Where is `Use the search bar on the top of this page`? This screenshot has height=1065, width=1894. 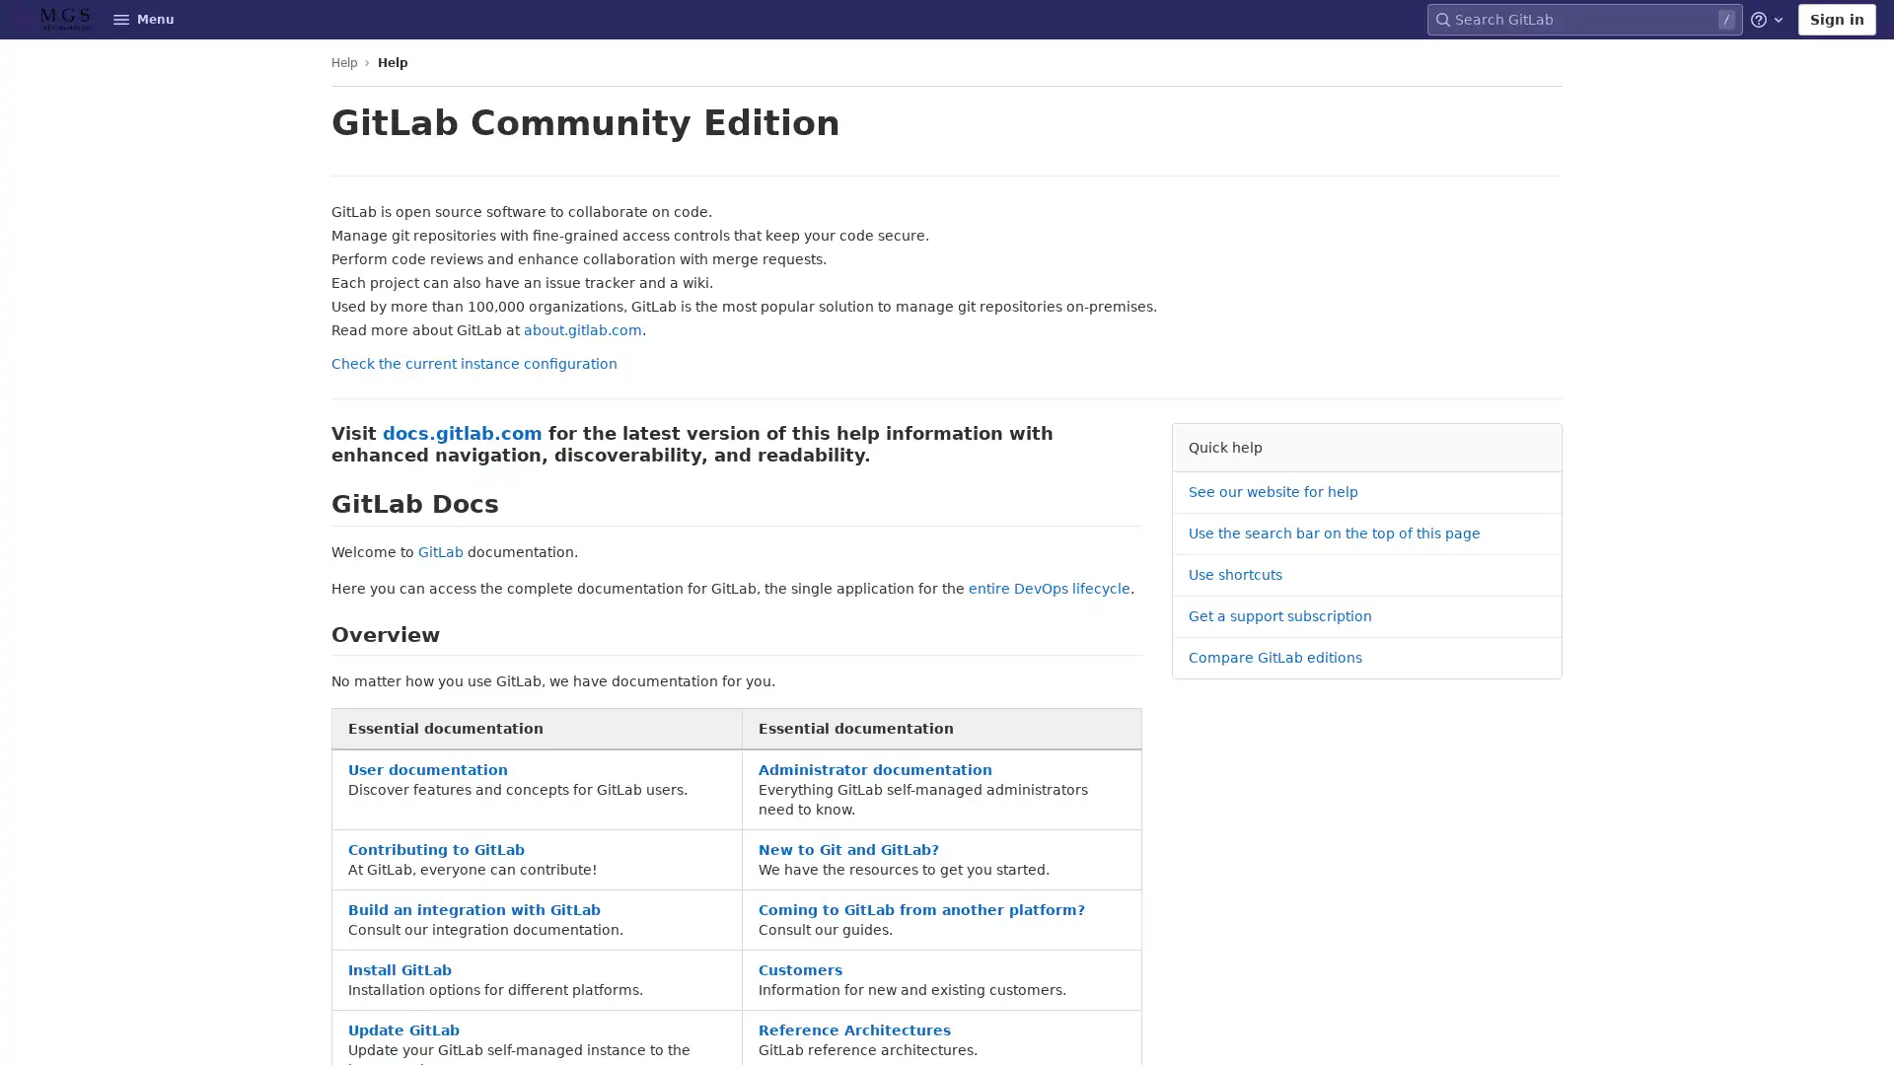
Use the search bar on the top of this page is located at coordinates (1335, 533).